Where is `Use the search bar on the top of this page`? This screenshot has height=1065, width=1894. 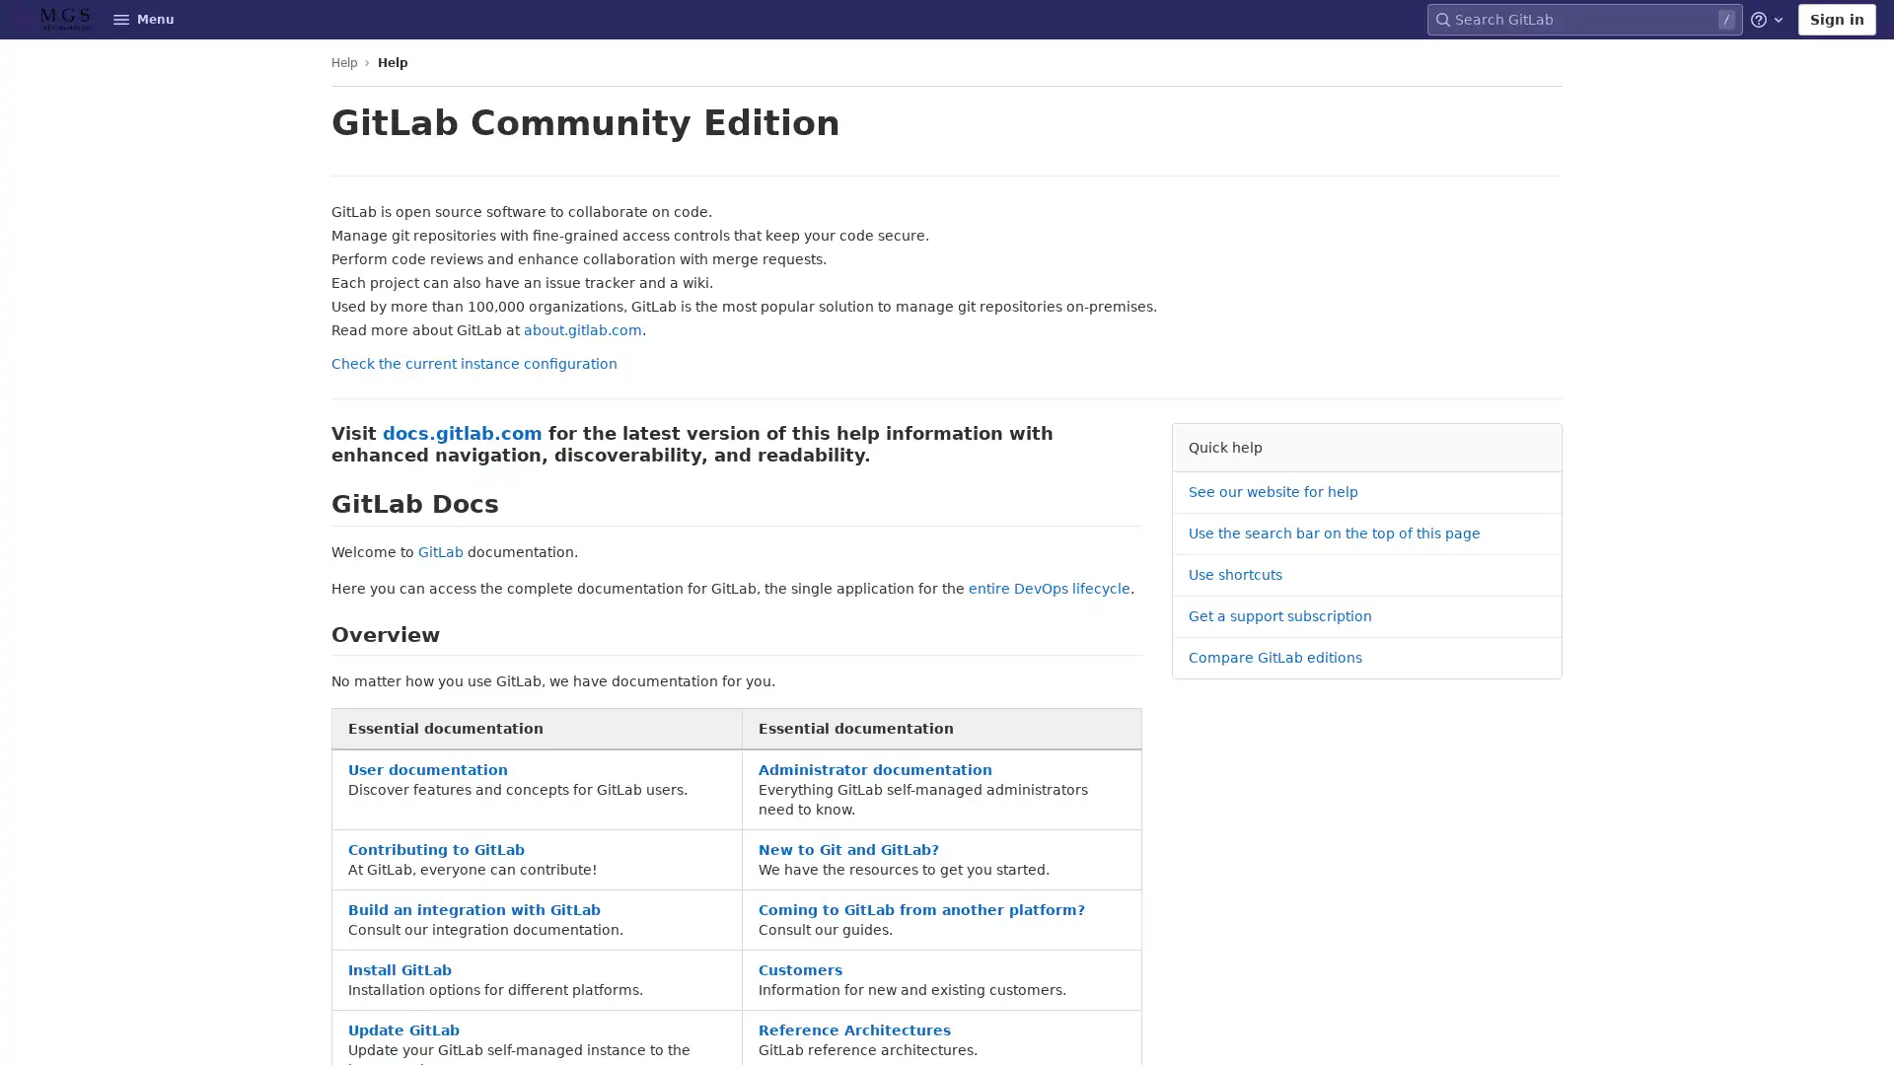
Use the search bar on the top of this page is located at coordinates (1335, 533).